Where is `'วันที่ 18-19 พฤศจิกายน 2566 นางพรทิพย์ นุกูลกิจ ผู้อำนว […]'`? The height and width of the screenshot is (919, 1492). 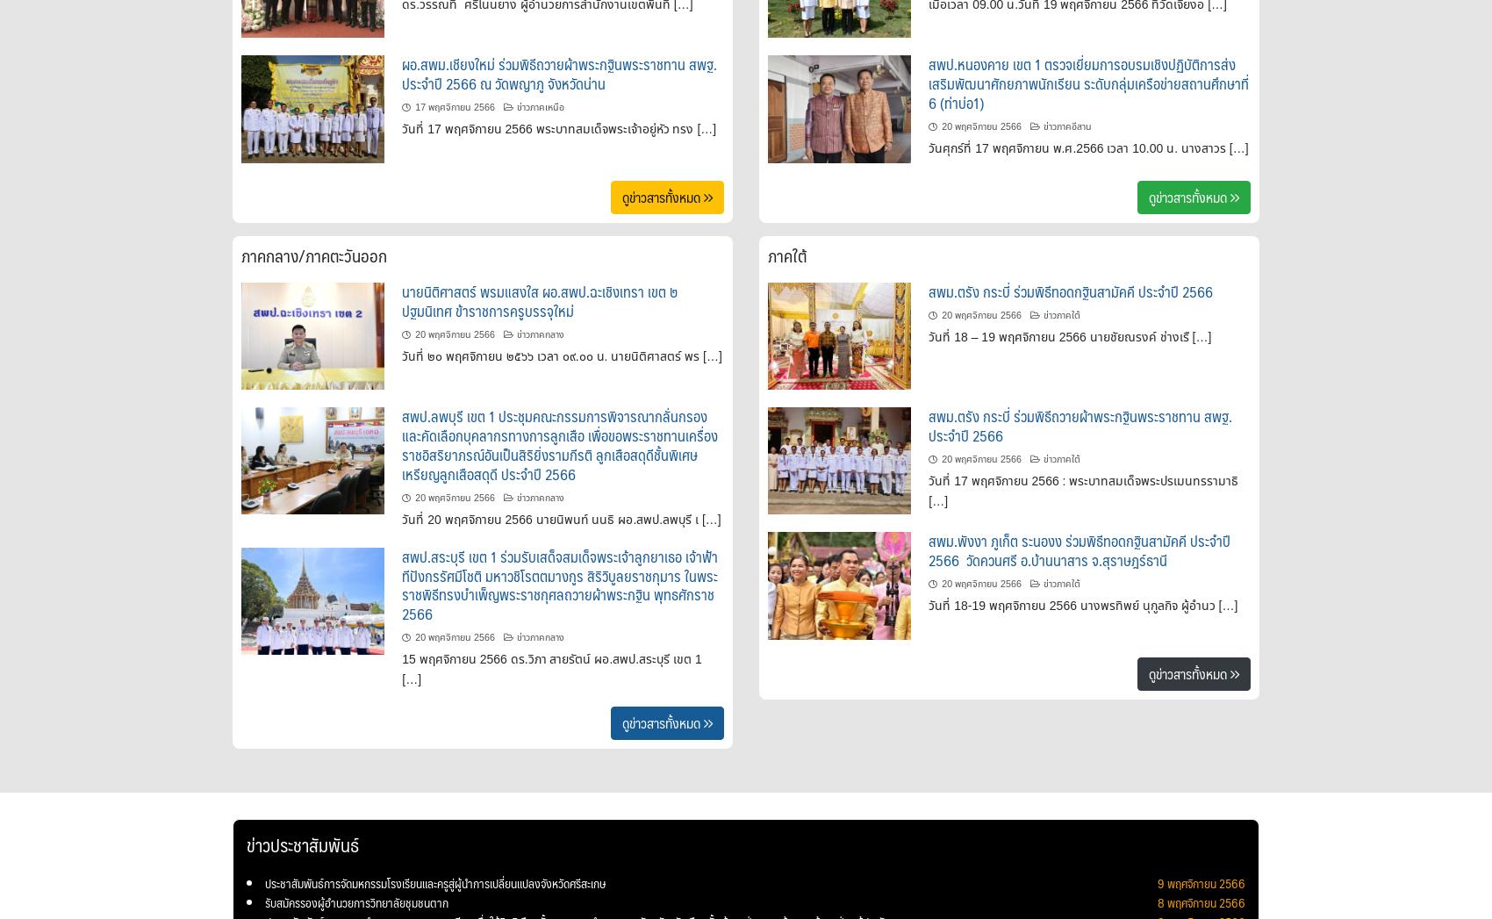
'วันที่ 18-19 พฤศจิกายน 2566 นางพรทิพย์ นุกูลกิจ ผู้อำนว […]' is located at coordinates (1082, 604).